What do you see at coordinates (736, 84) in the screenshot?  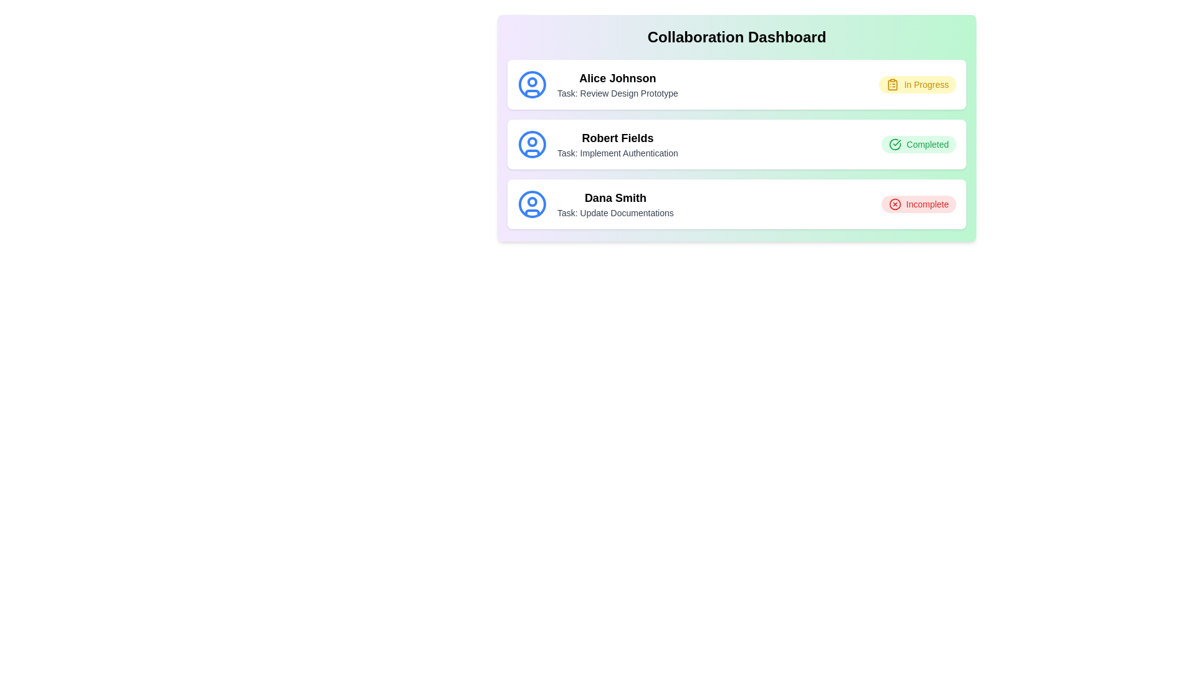 I see `the task card for Alice Johnson - Review Design Prototype to view its details` at bounding box center [736, 84].